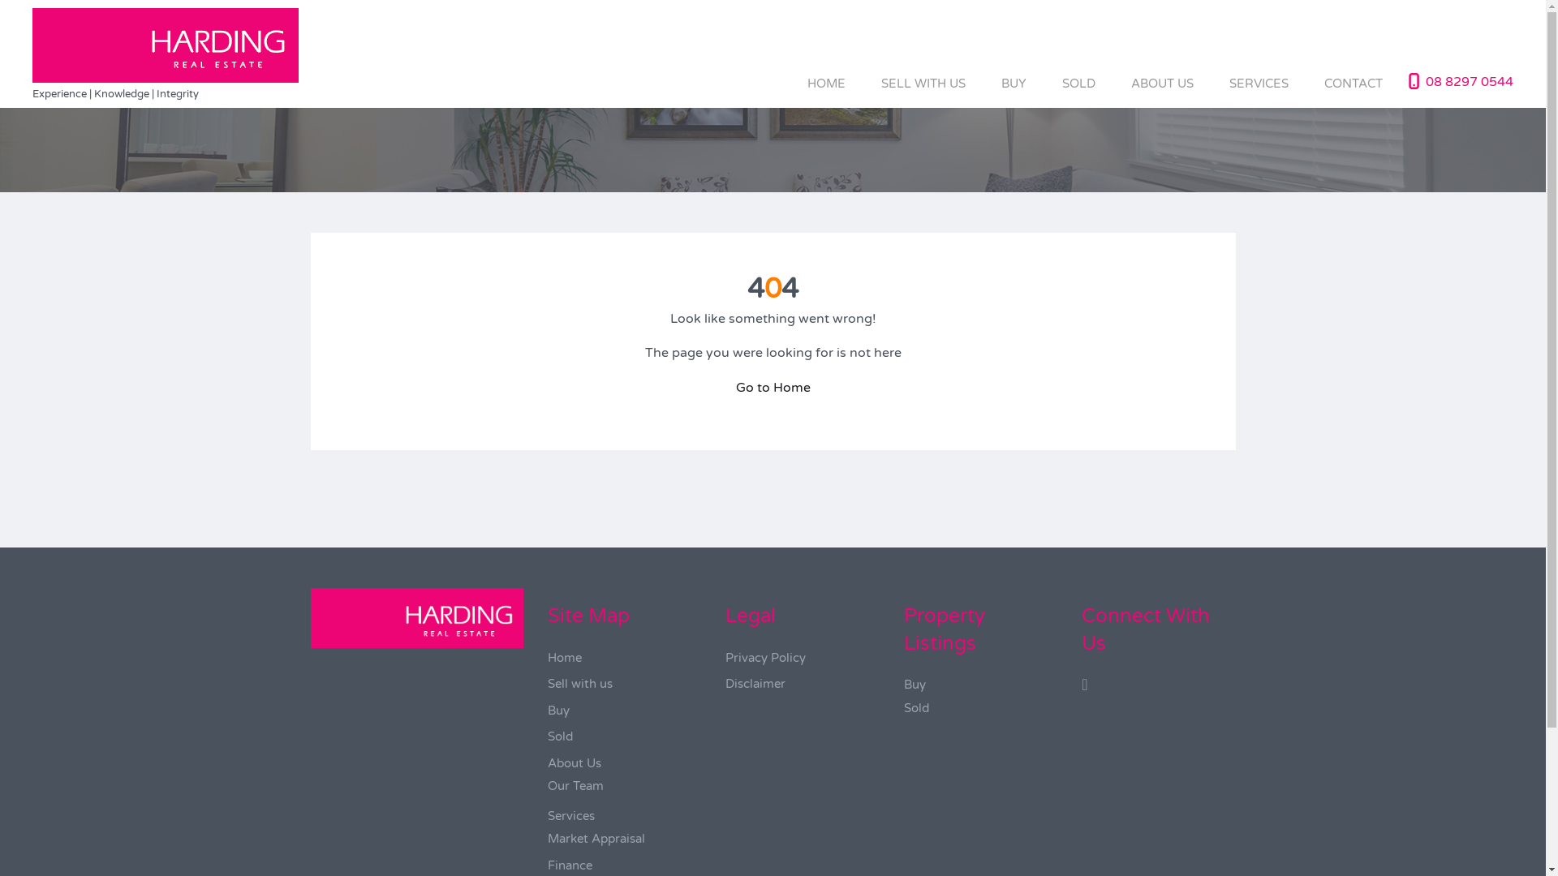 The image size is (1558, 876). What do you see at coordinates (575, 784) in the screenshot?
I see `'Our Team'` at bounding box center [575, 784].